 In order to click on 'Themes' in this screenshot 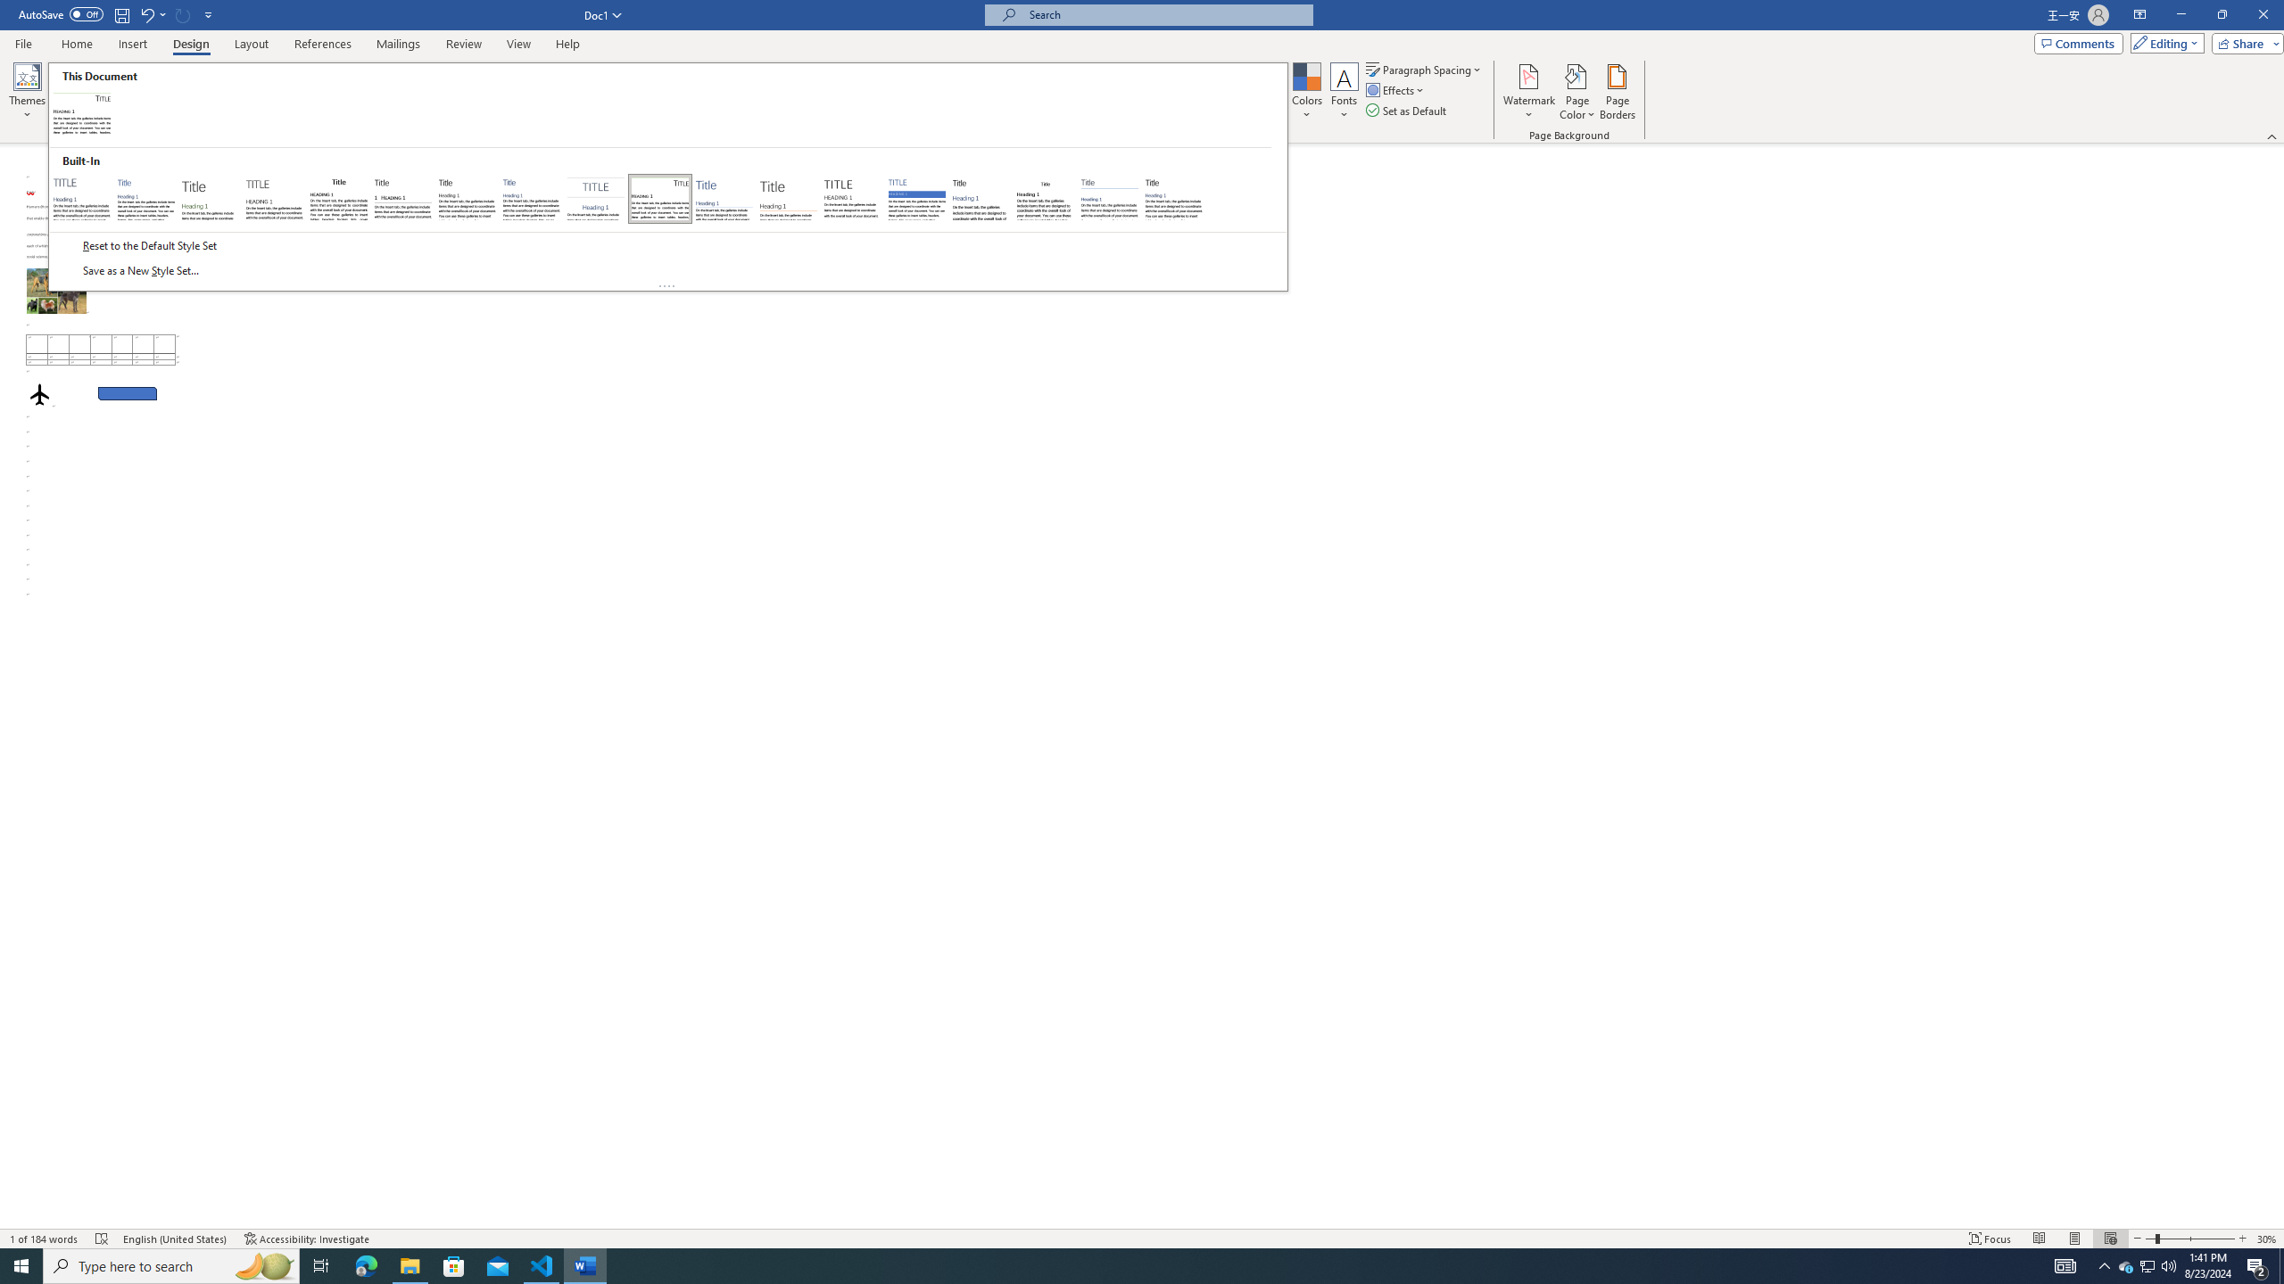, I will do `click(26, 92)`.